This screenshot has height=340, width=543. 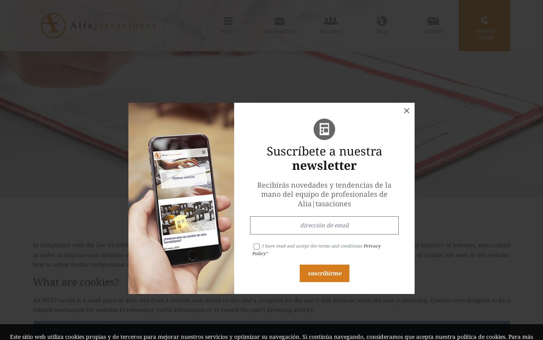 What do you see at coordinates (484, 36) in the screenshot?
I see `'catalá'` at bounding box center [484, 36].